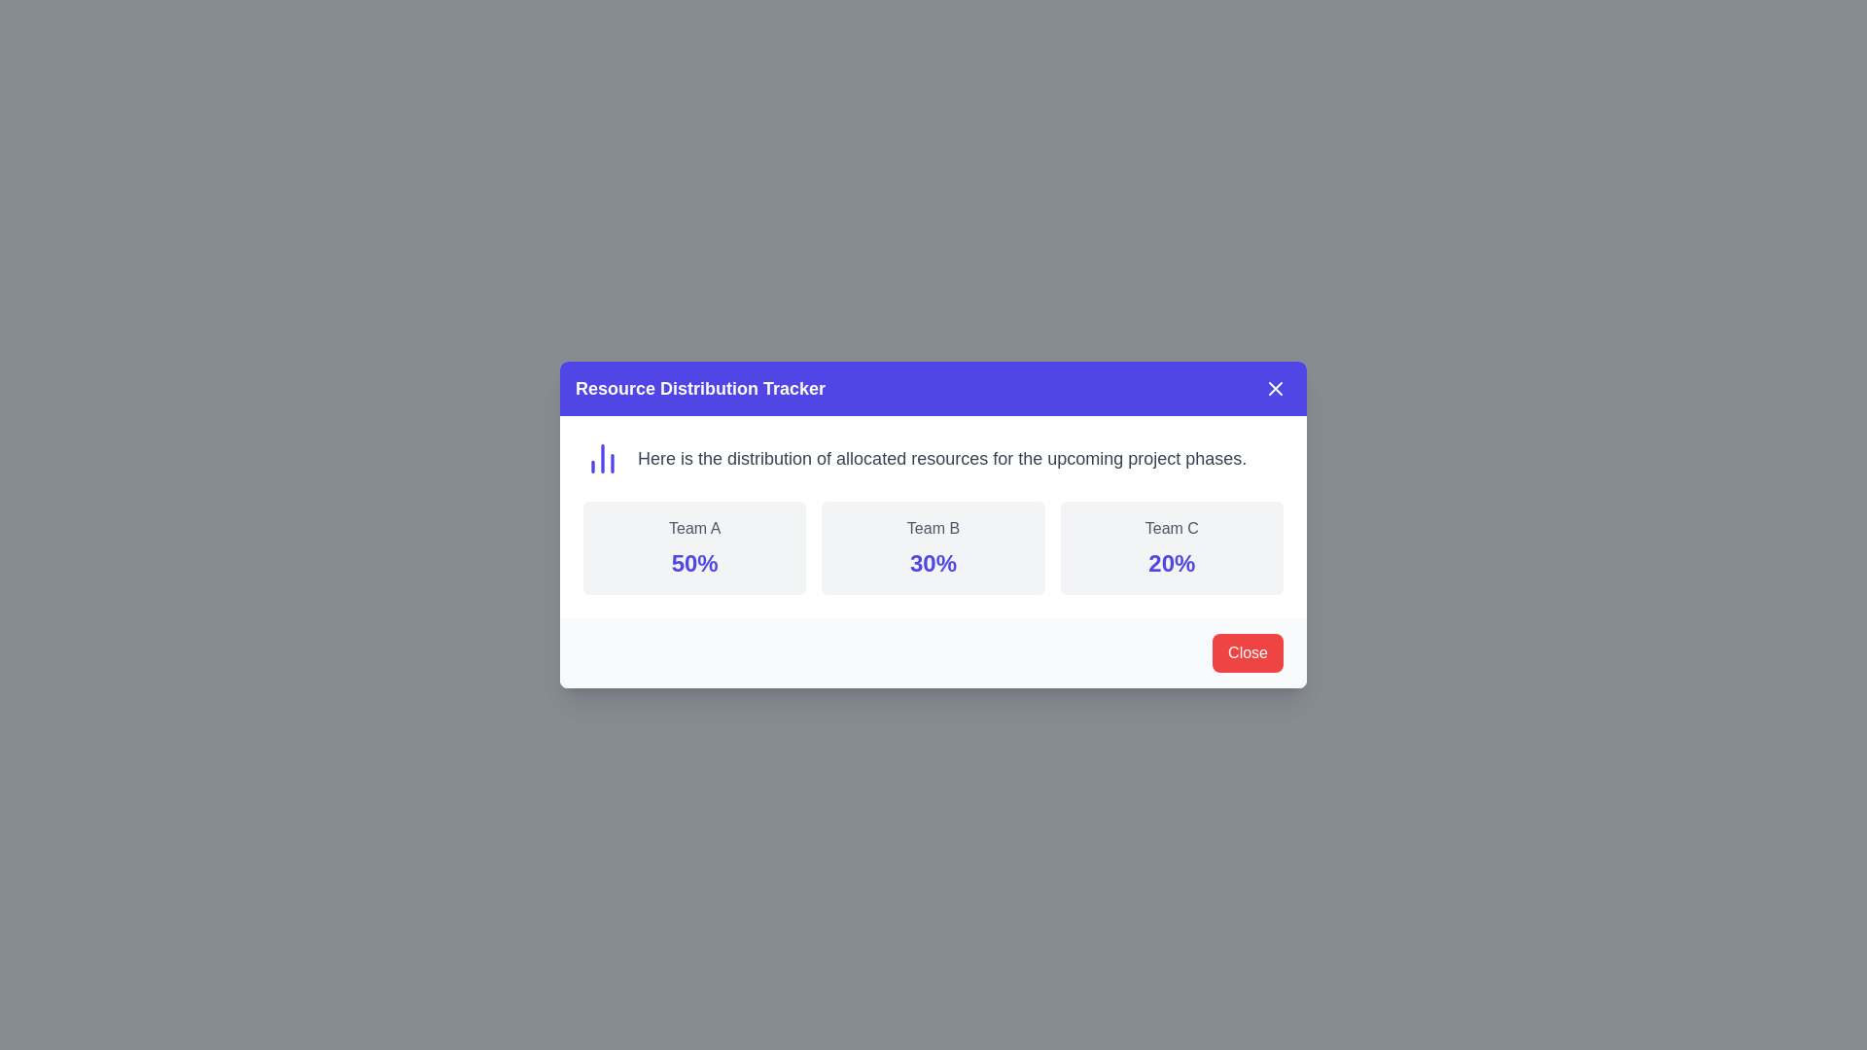 This screenshot has height=1050, width=1867. What do you see at coordinates (694, 563) in the screenshot?
I see `the text display showing '50%' in bold indigo color within the 'Team A' card` at bounding box center [694, 563].